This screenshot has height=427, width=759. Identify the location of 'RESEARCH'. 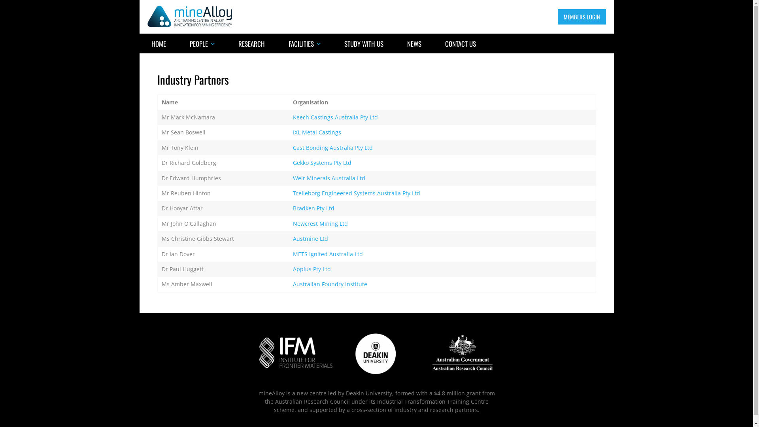
(251, 43).